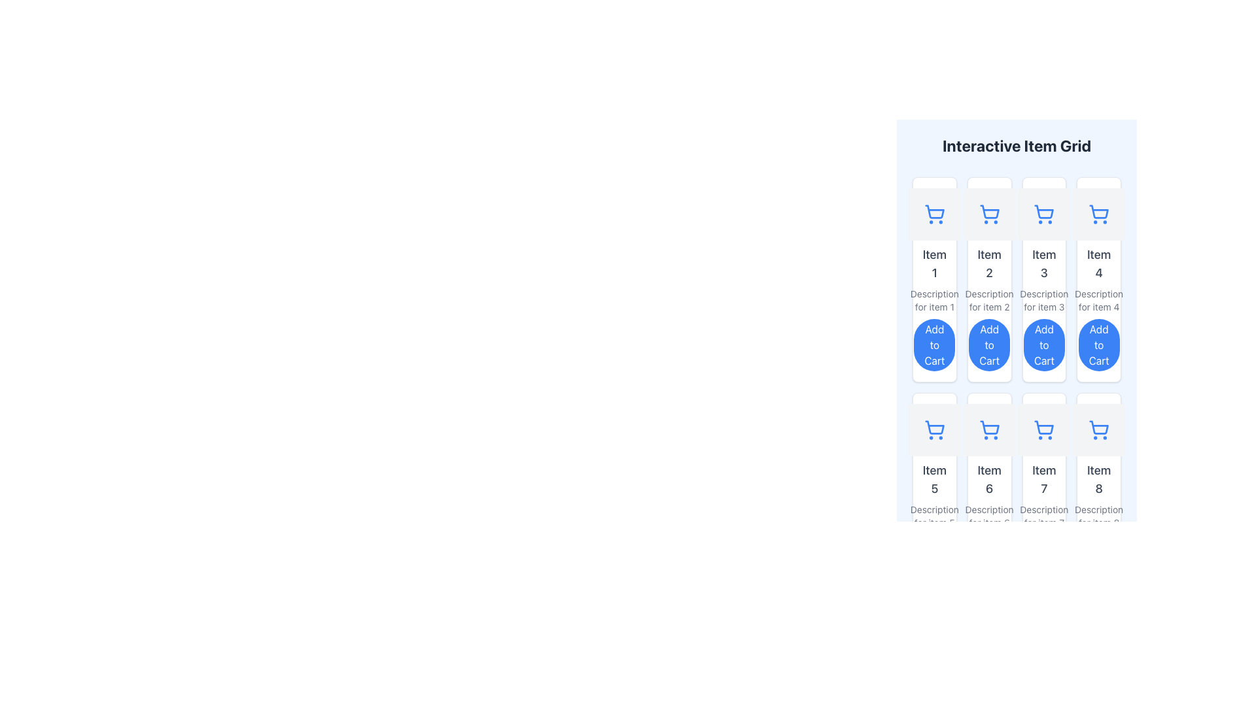 The height and width of the screenshot is (706, 1256). Describe the element at coordinates (1043, 279) in the screenshot. I see `the product display card which is the third item in the interactive grid layout` at that location.